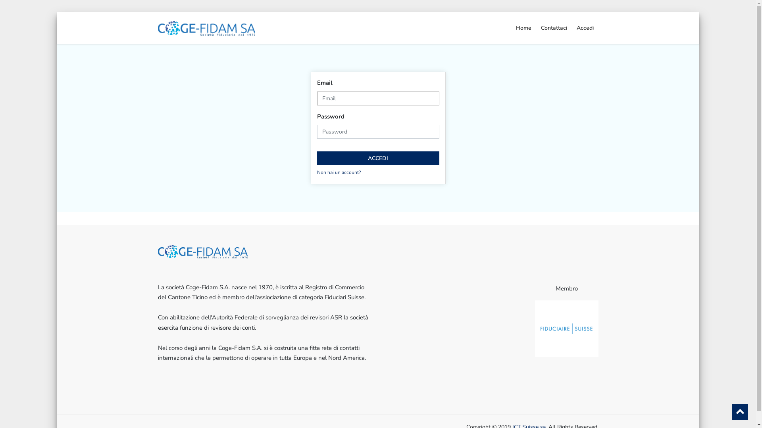  What do you see at coordinates (377, 158) in the screenshot?
I see `'ACCEDI'` at bounding box center [377, 158].